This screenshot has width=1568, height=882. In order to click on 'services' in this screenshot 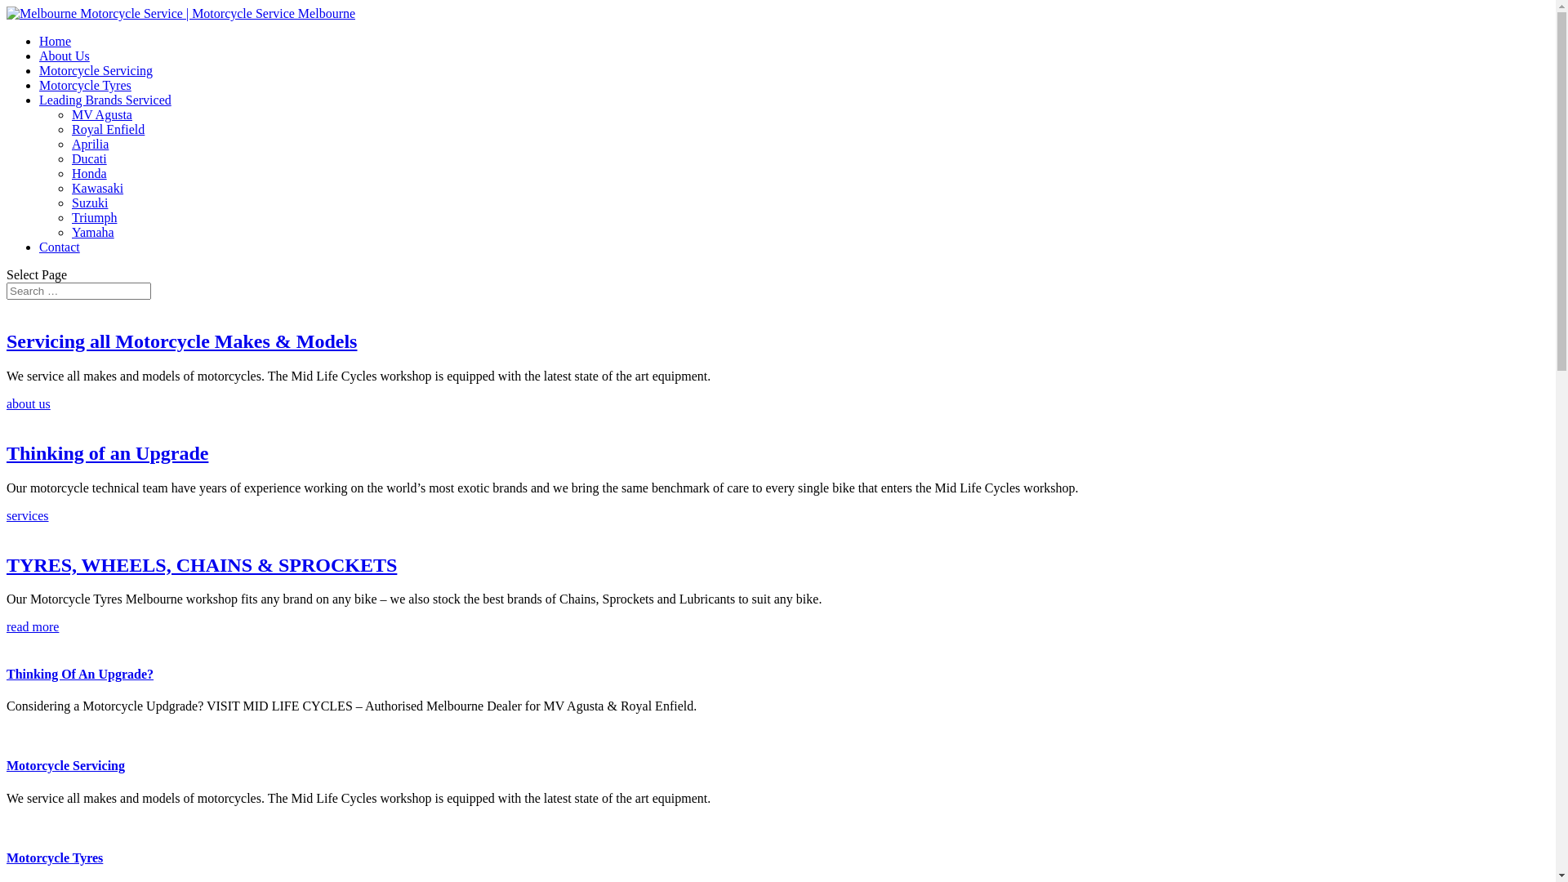, I will do `click(27, 515)`.